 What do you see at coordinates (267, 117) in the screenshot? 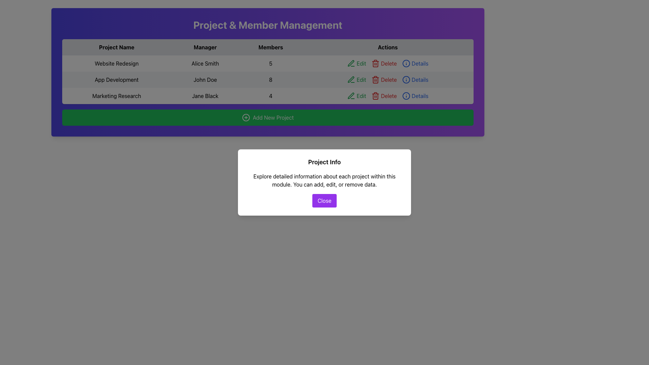
I see `the button that adds a new project, located directly below the project details table, to observe visual feedback` at bounding box center [267, 117].